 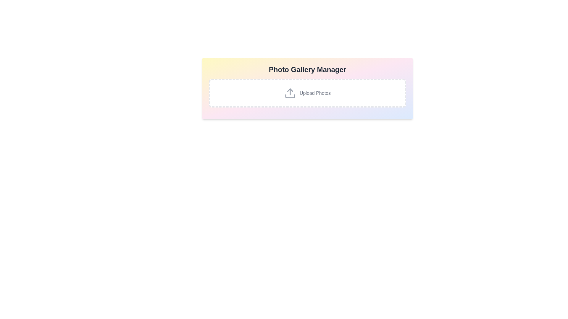 I want to click on the 'Upload Photos' button in the modal dialog with a pastel gradient background to initiate the upload process, so click(x=307, y=96).